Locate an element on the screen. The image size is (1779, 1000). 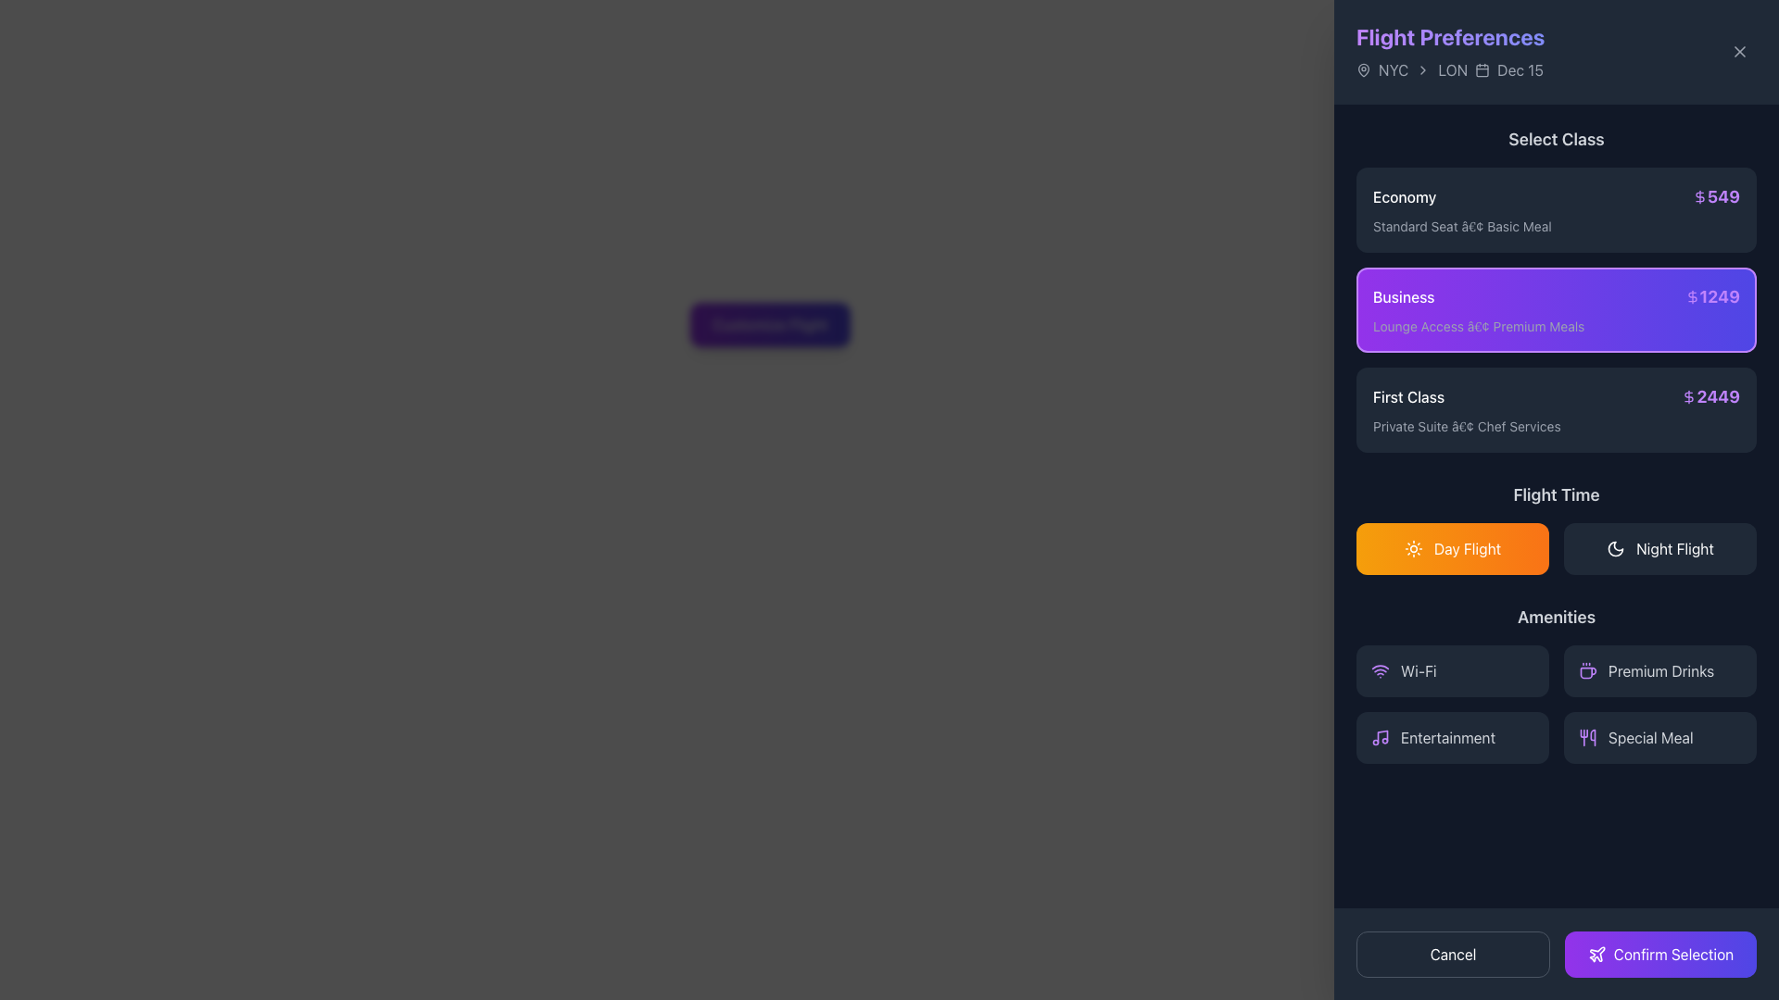
the second button from the left in the grid of four buttons in the 'Amenities' section is located at coordinates (1659, 671).